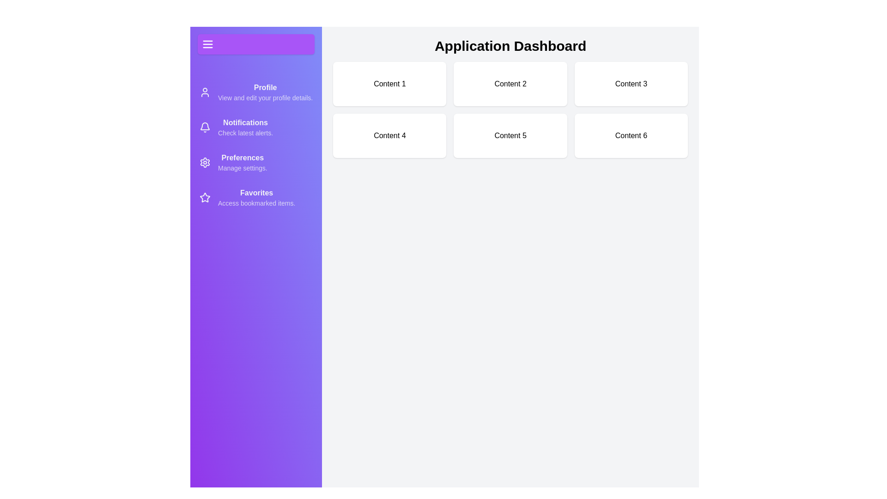  What do you see at coordinates (255, 162) in the screenshot?
I see `the menu item Preferences from the list` at bounding box center [255, 162].